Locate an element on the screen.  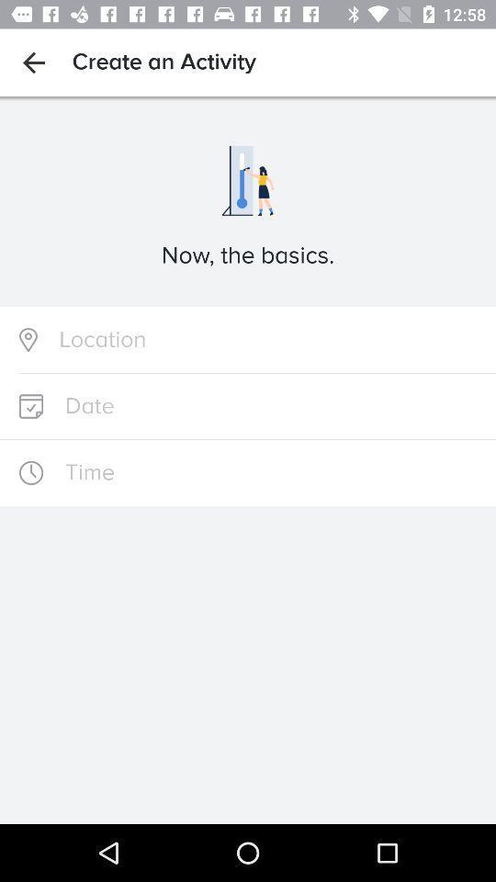
the icon next to the create an activity item is located at coordinates (33, 62).